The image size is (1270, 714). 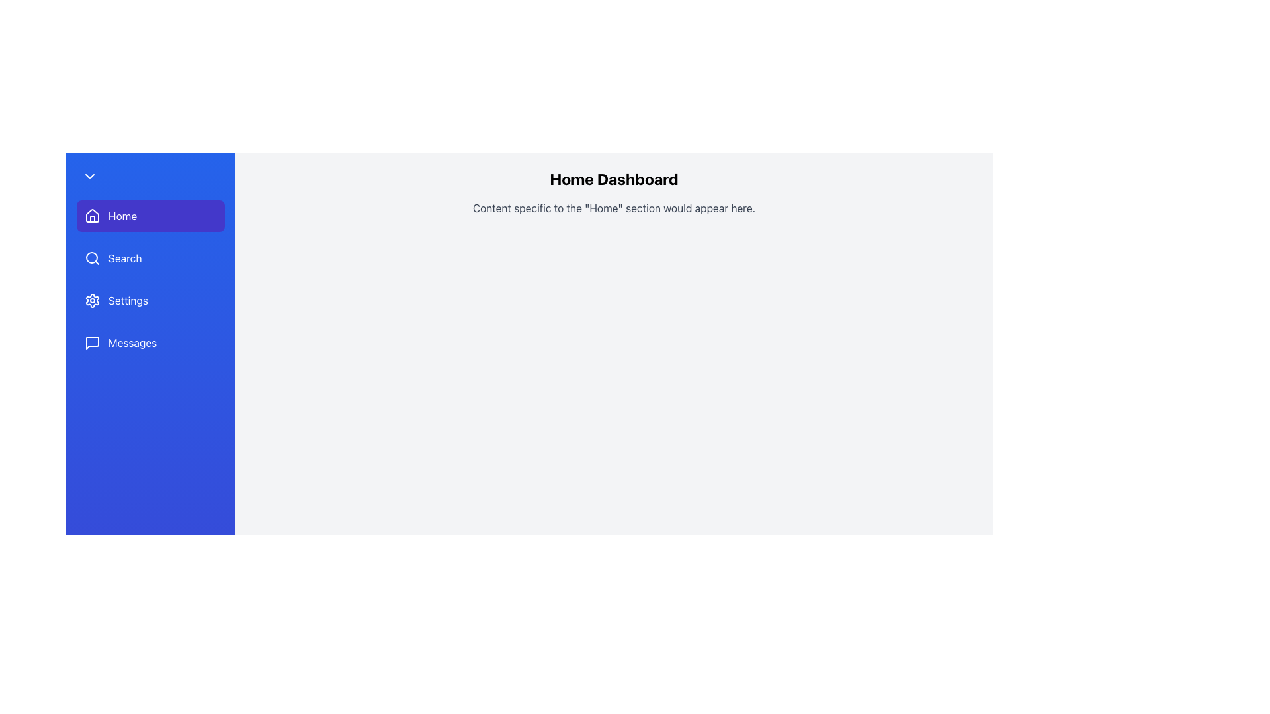 What do you see at coordinates (132, 342) in the screenshot?
I see `the 'Messages' text label in the vertical navigation menu` at bounding box center [132, 342].